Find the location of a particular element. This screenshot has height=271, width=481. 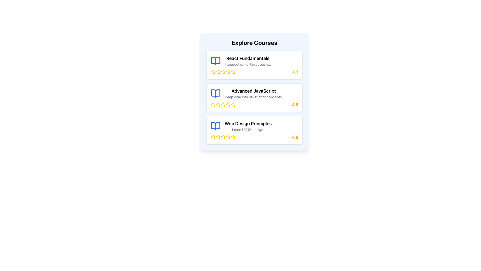

the fifth star icon with a yellow outline in the rating section of the 'Web Design Principles' course card is located at coordinates (233, 137).